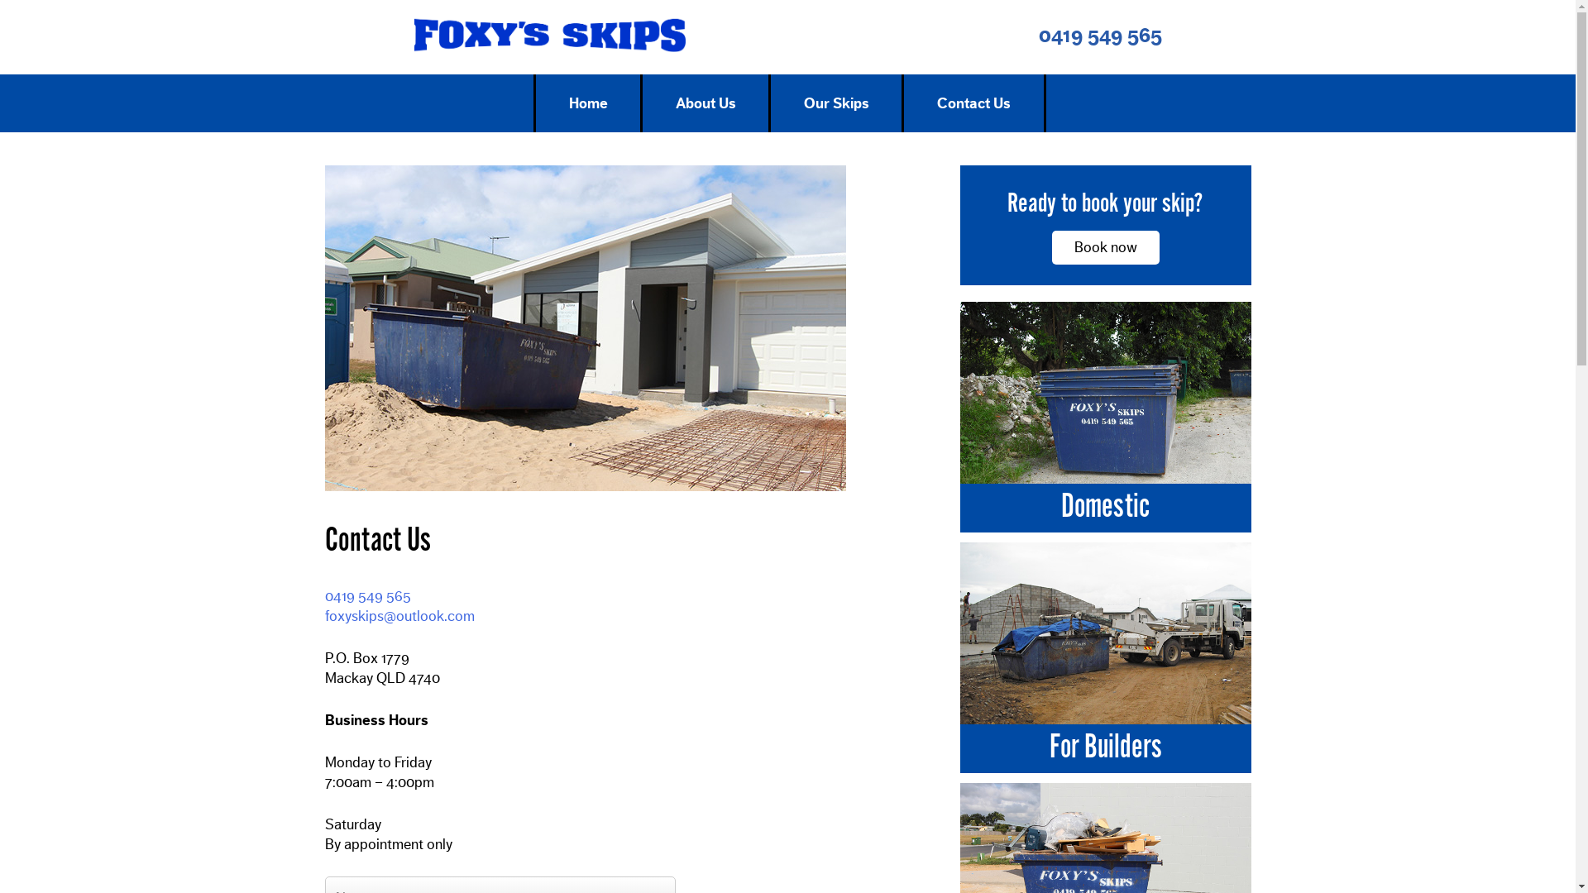  I want to click on 'Book now', so click(1106, 247).